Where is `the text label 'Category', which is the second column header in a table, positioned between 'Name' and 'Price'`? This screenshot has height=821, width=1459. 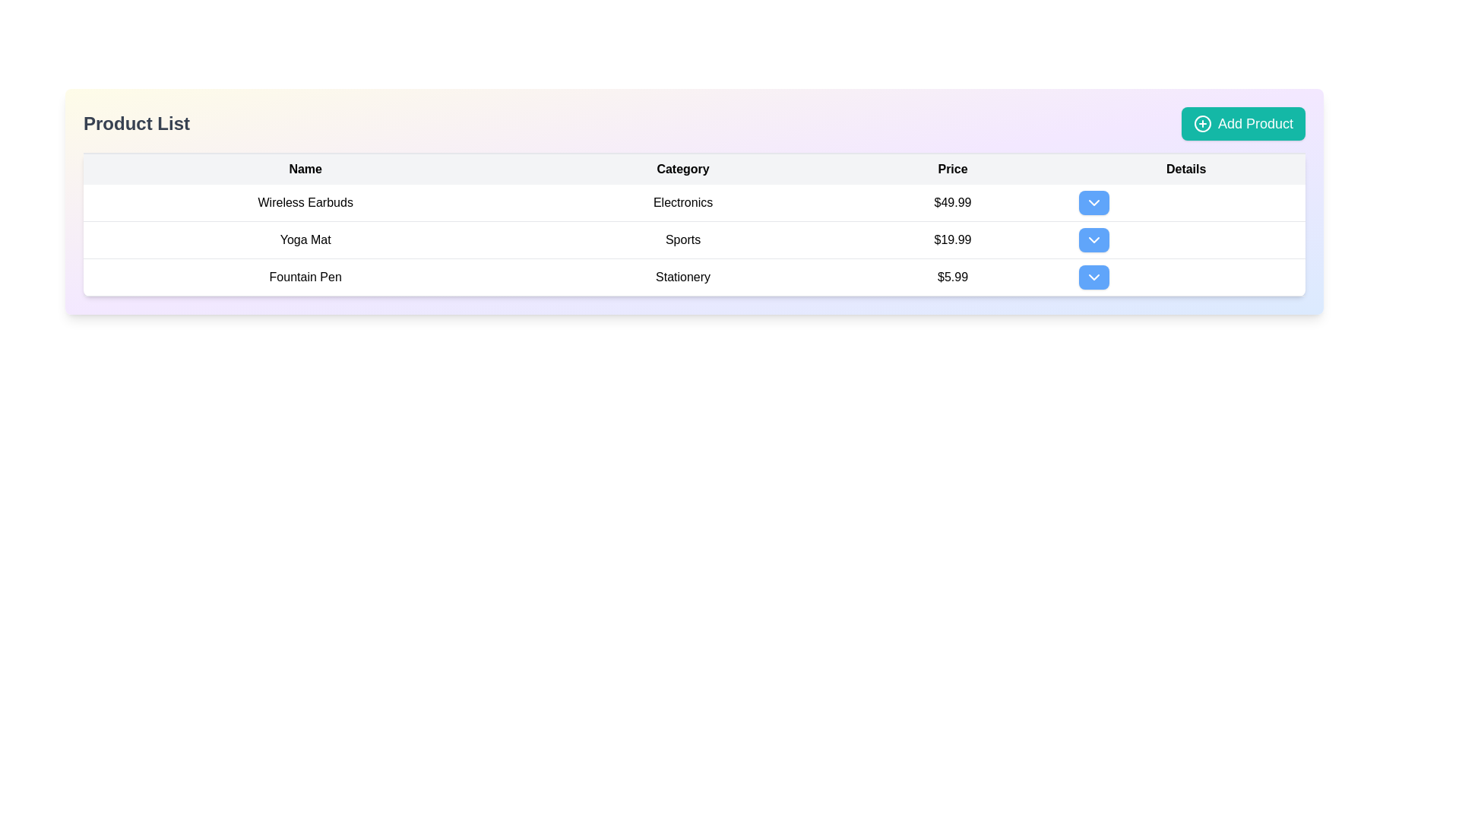 the text label 'Category', which is the second column header in a table, positioned between 'Name' and 'Price' is located at coordinates (682, 169).